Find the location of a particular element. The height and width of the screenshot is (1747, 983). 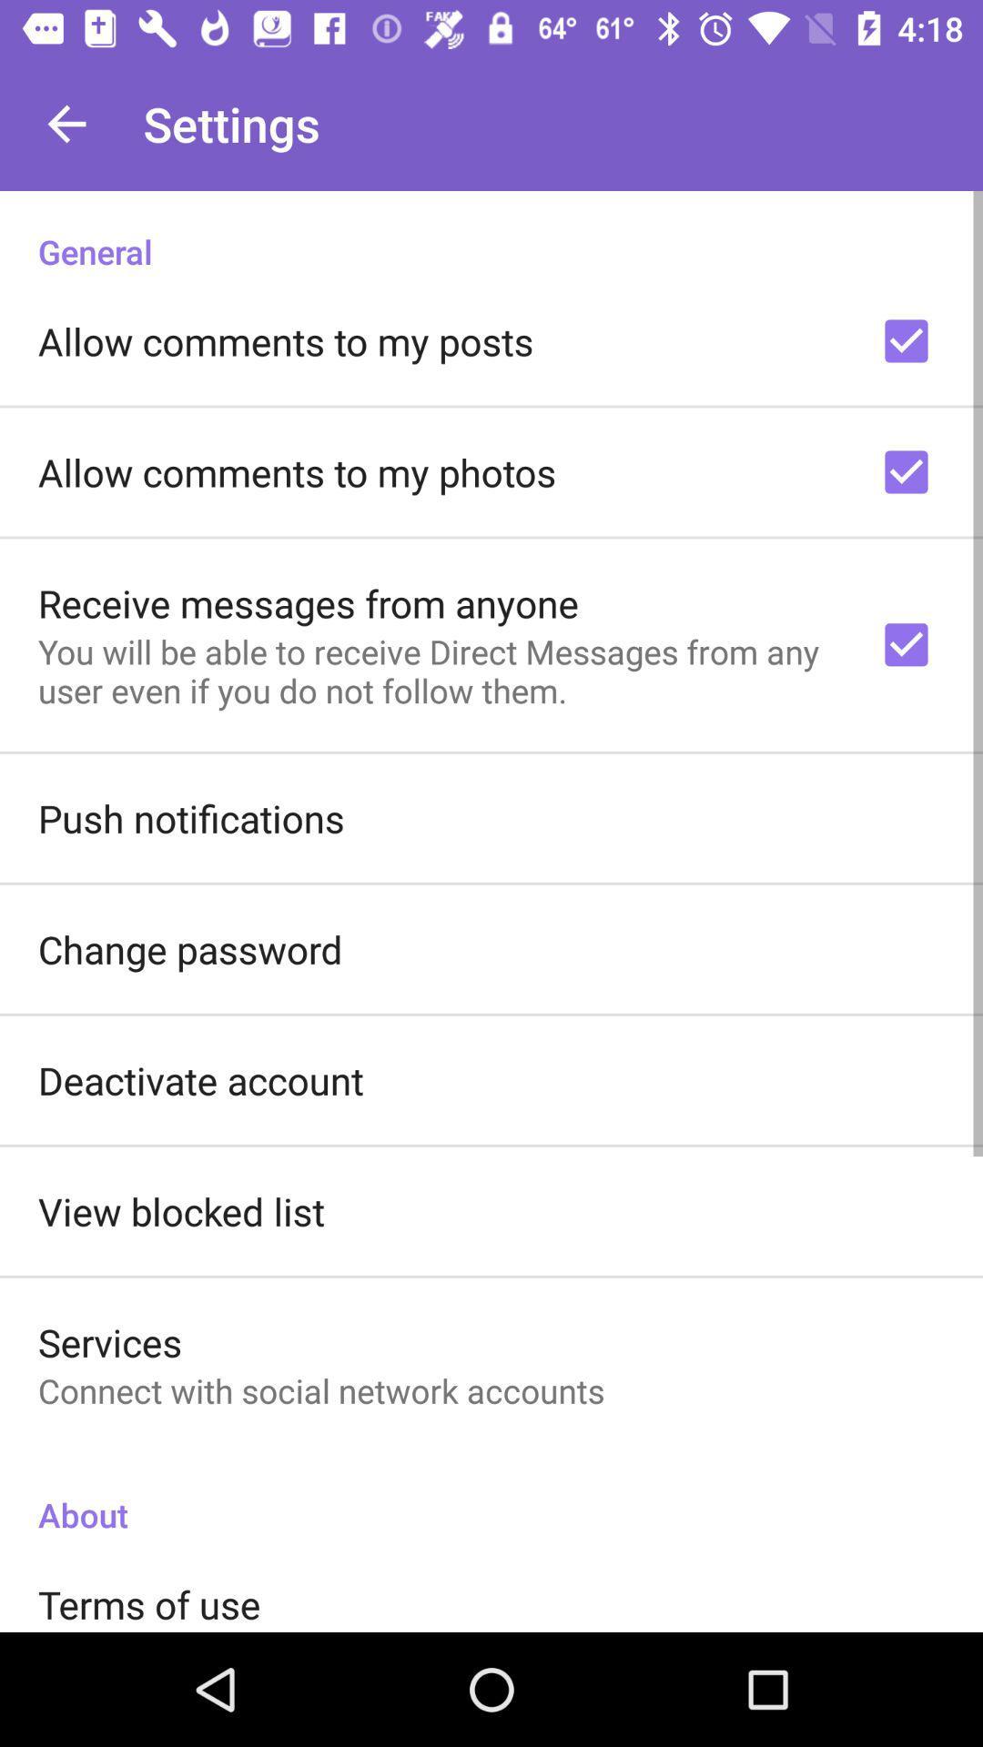

the item above deactivate account icon is located at coordinates (190, 948).